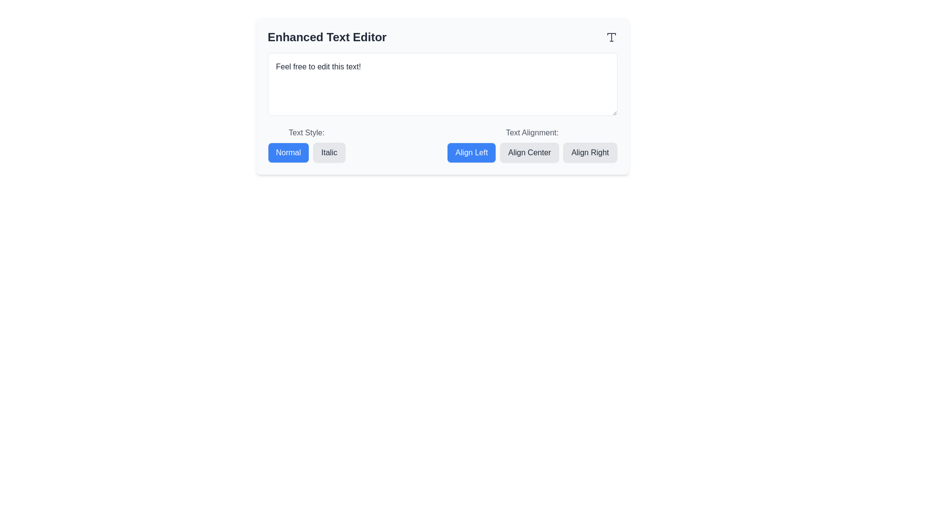 The width and height of the screenshot is (932, 524). Describe the element at coordinates (288, 153) in the screenshot. I see `the 'Normal' text style button located to the left of the 'Italic' button in the 'Text Style' group` at that location.